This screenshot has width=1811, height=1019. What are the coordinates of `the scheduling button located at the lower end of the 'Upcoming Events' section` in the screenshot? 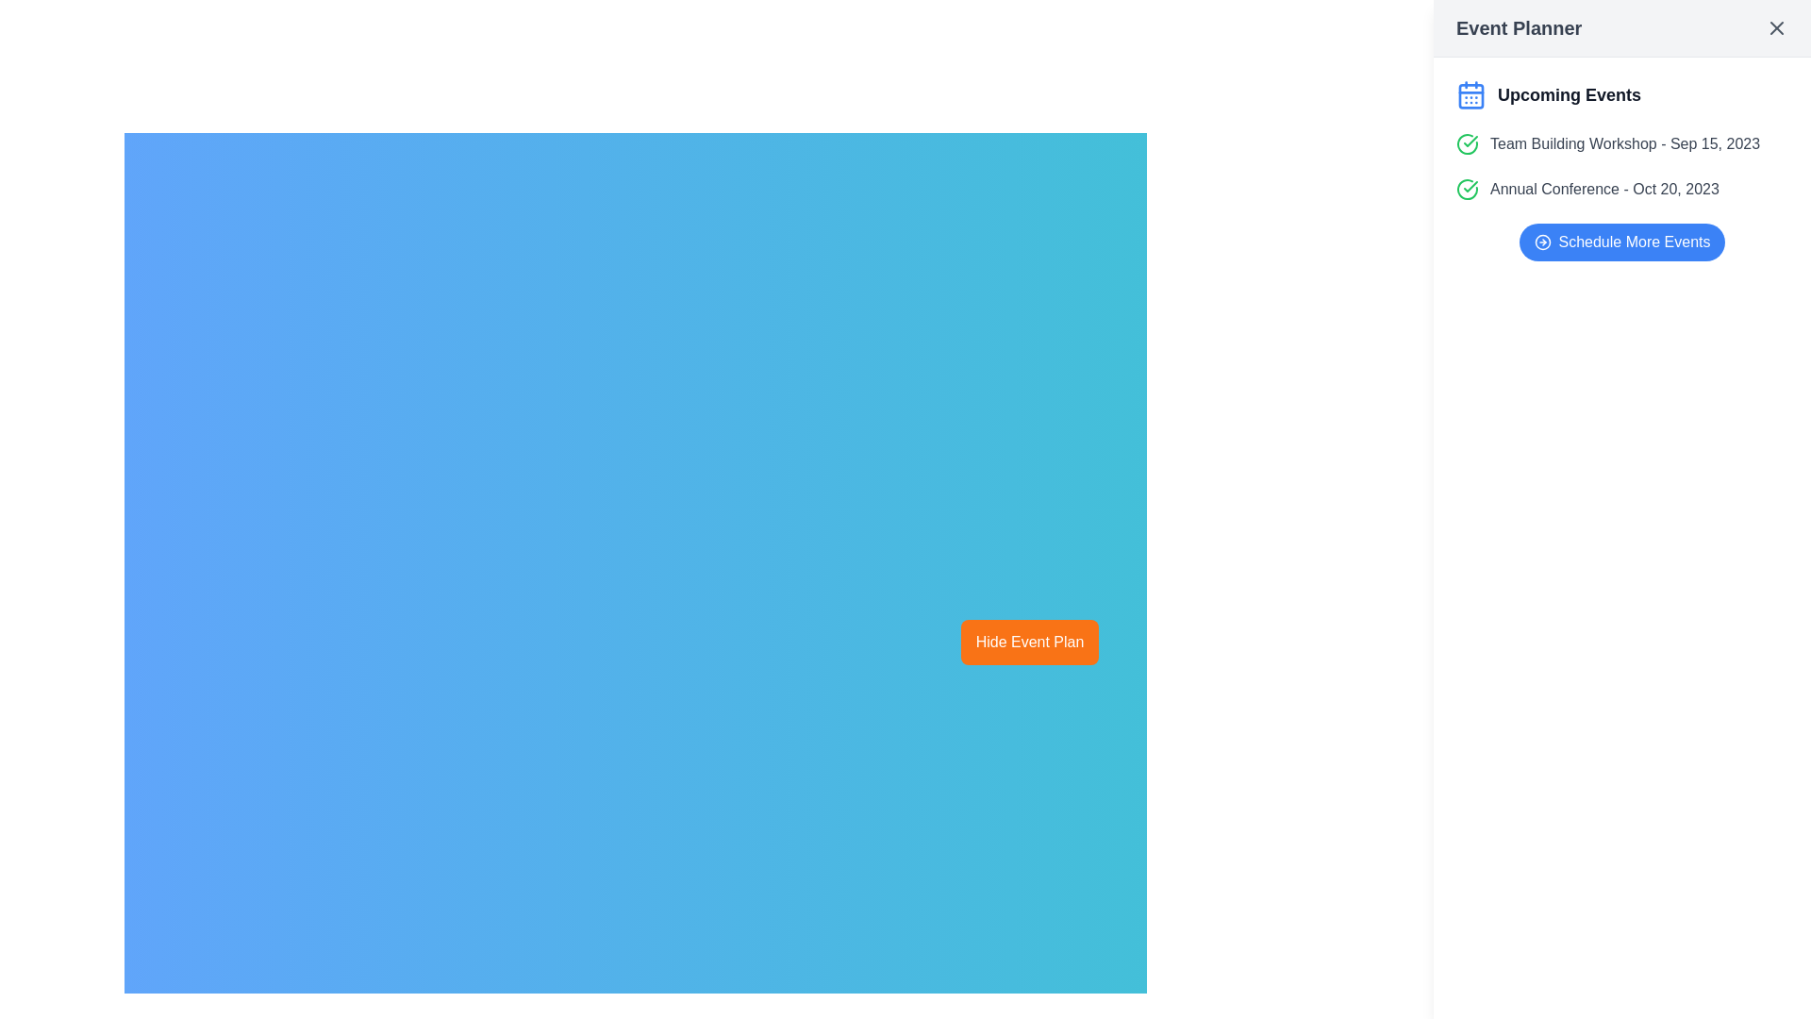 It's located at (1620, 242).